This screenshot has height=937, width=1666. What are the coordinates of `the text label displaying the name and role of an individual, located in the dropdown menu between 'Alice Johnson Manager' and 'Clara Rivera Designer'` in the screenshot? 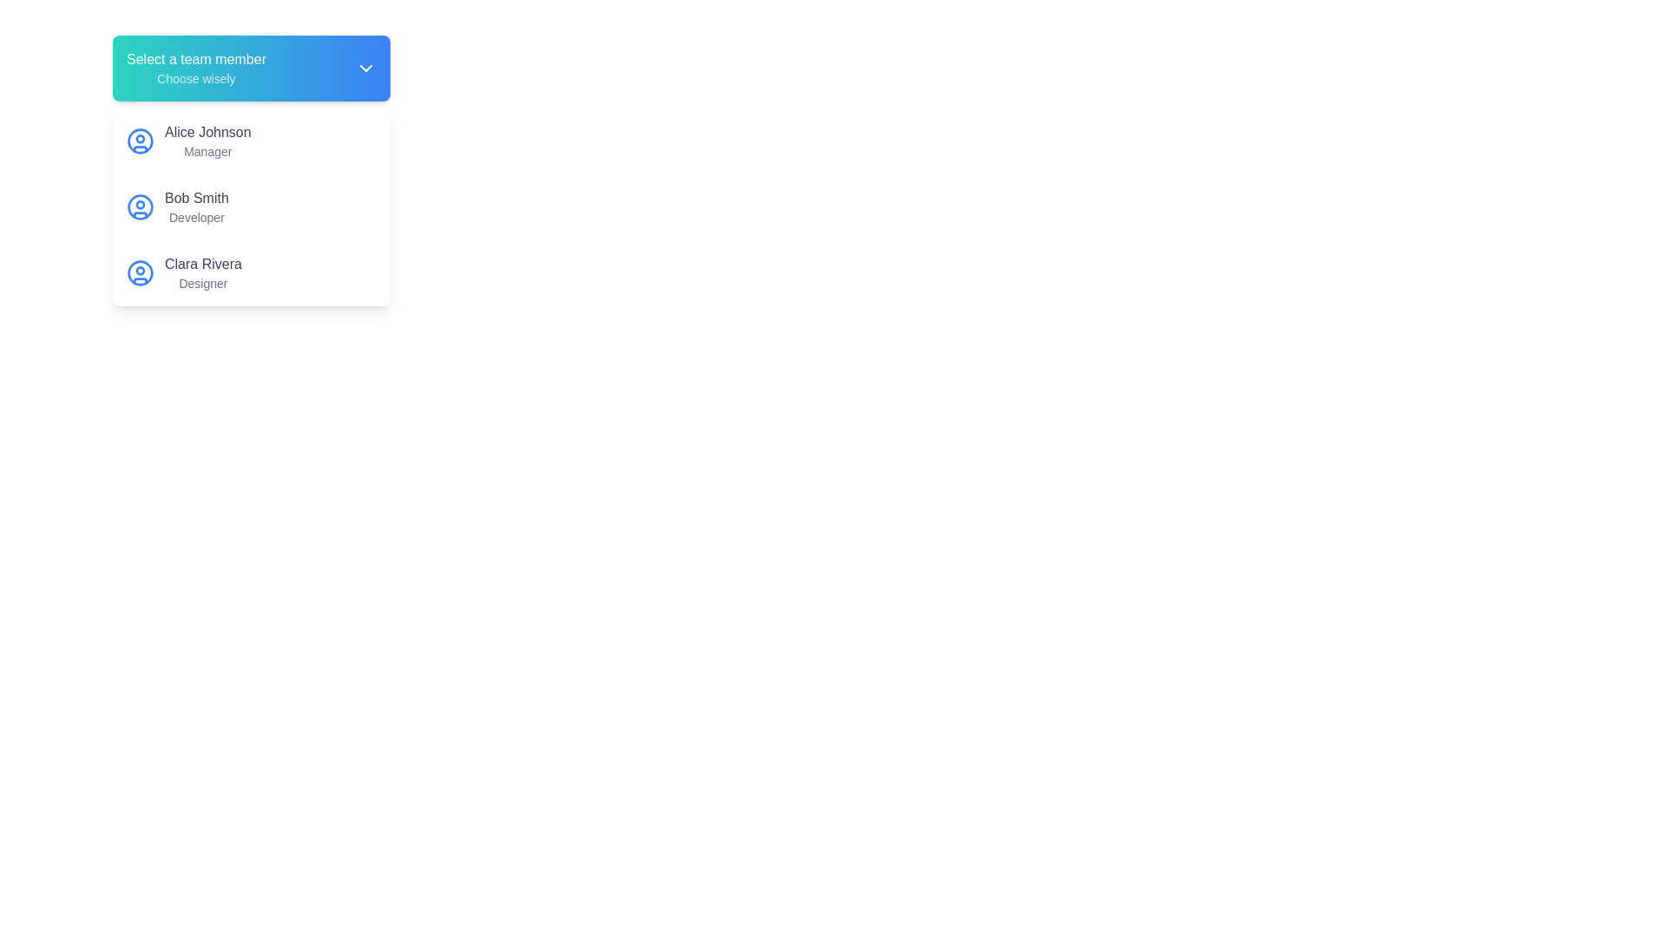 It's located at (196, 206).